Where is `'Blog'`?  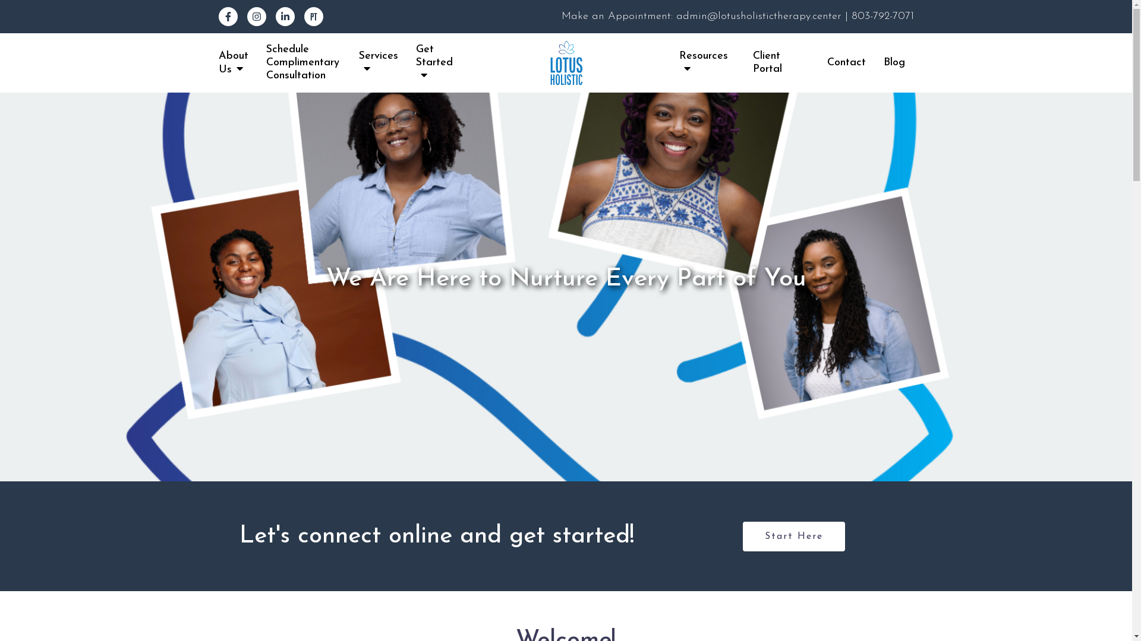 'Blog' is located at coordinates (893, 62).